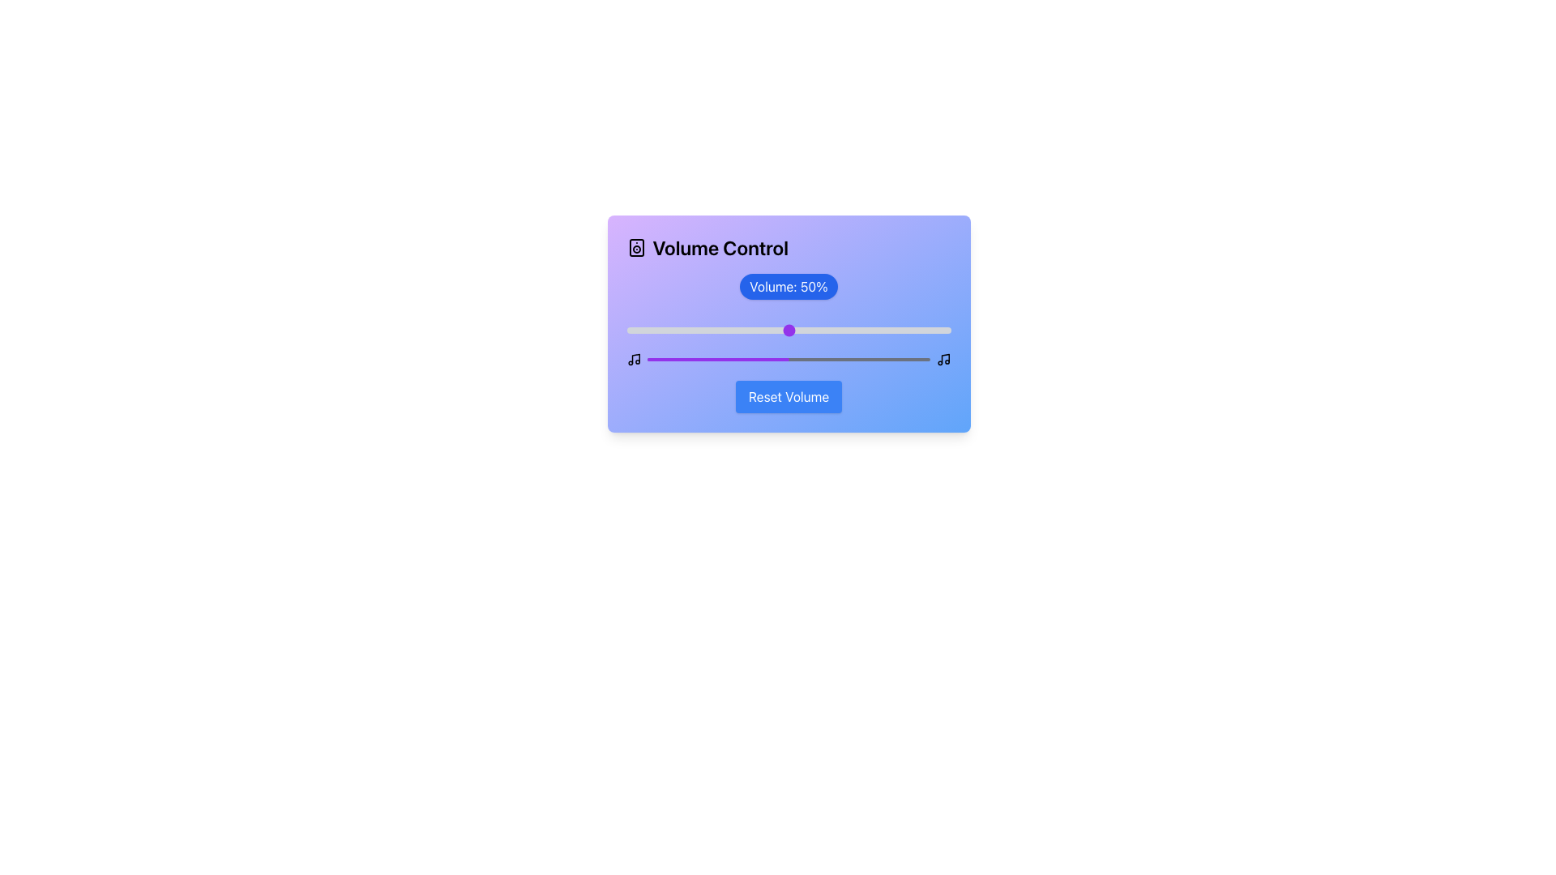 Image resolution: width=1556 pixels, height=875 pixels. Describe the element at coordinates (717, 358) in the screenshot. I see `the purple progress bar segment within the Volume Control interface, located below the 'Volume: 50%' label` at that location.